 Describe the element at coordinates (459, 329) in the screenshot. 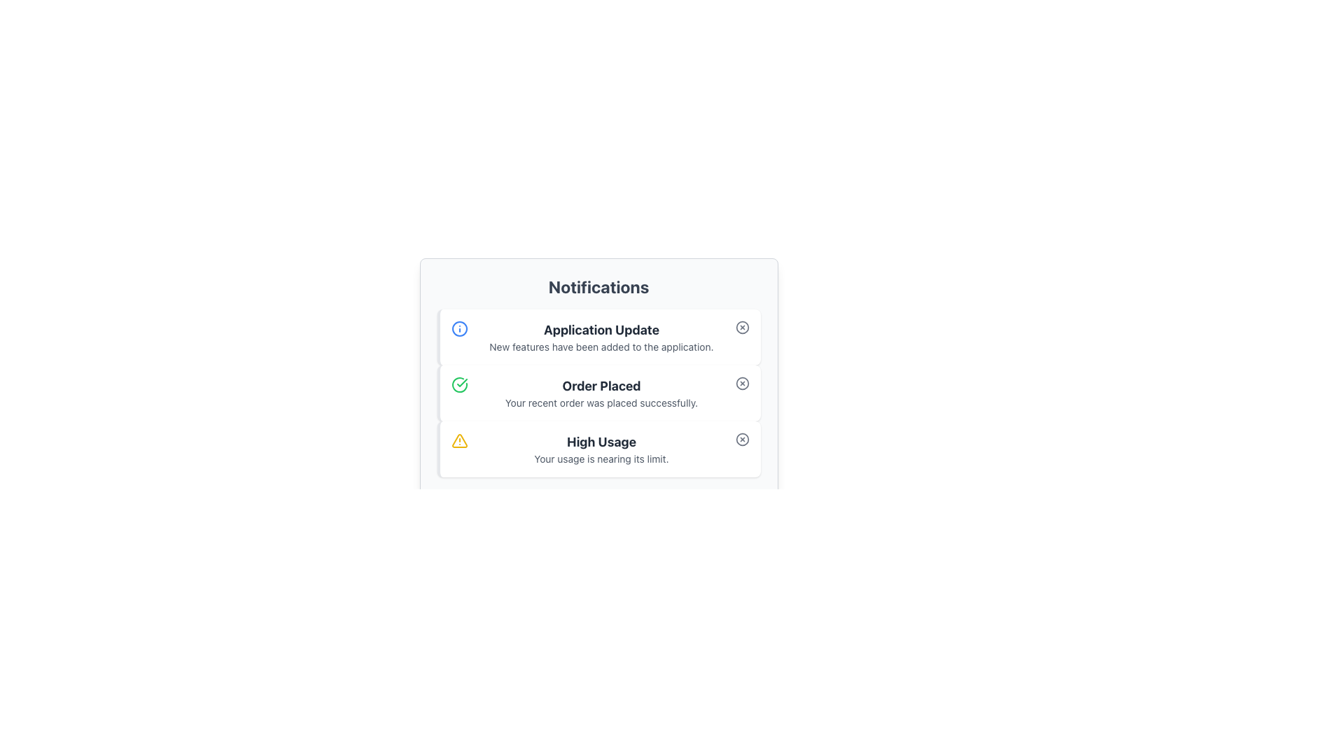

I see `the circular blue outlined 'info' icon located to the left of the 'Application Update' title in the notification card` at that location.